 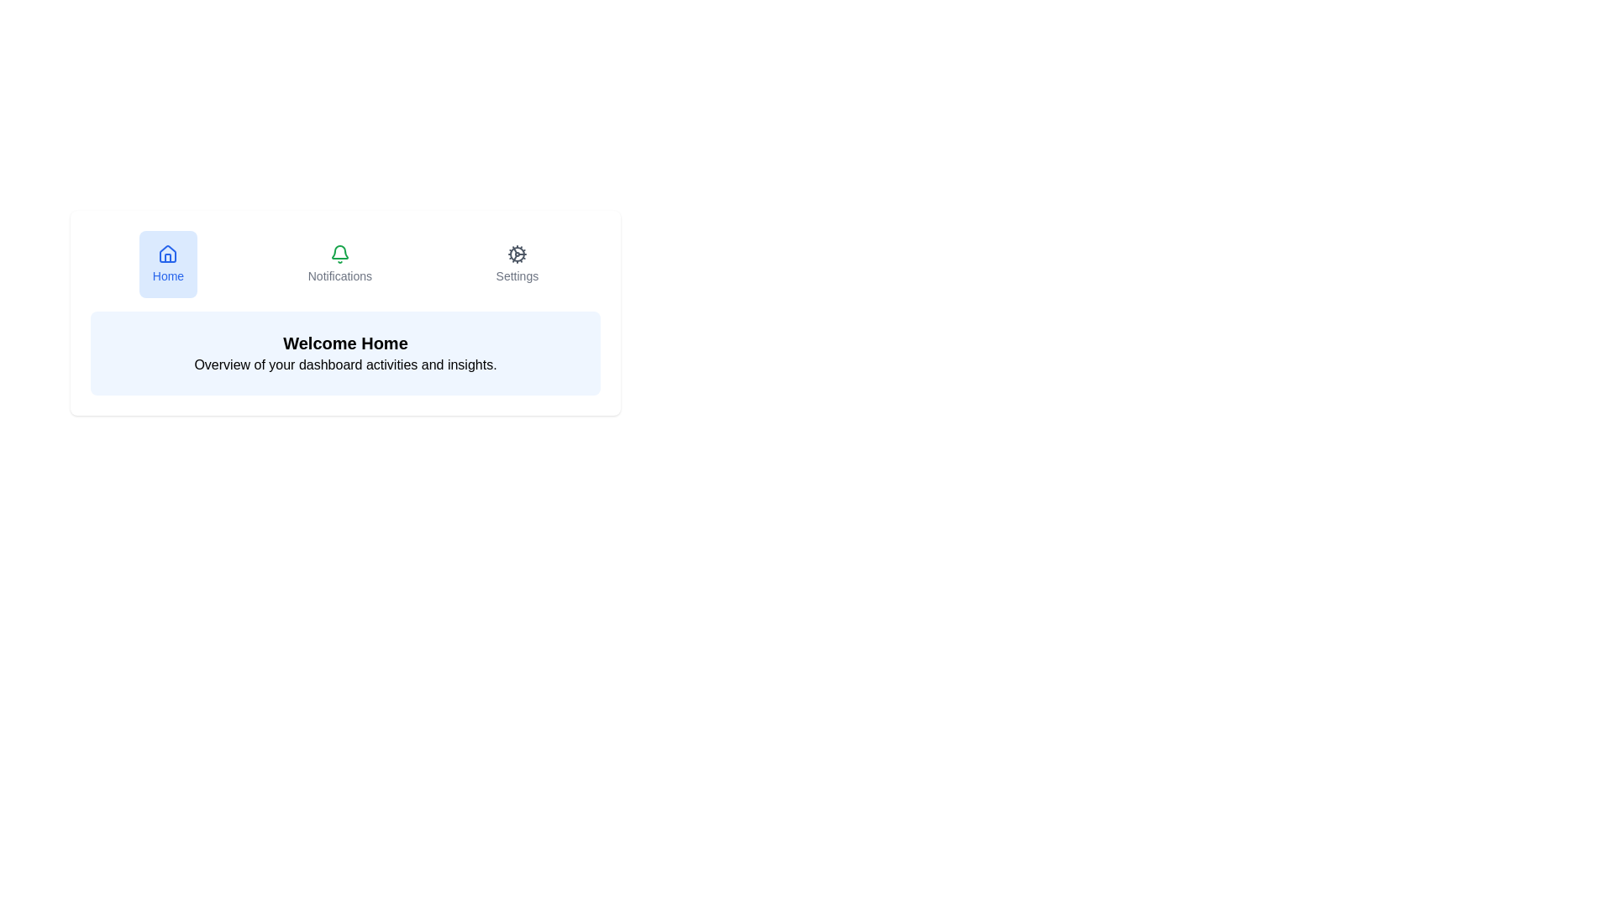 What do you see at coordinates (339, 265) in the screenshot?
I see `the Notifications tab by clicking on its corresponding button` at bounding box center [339, 265].